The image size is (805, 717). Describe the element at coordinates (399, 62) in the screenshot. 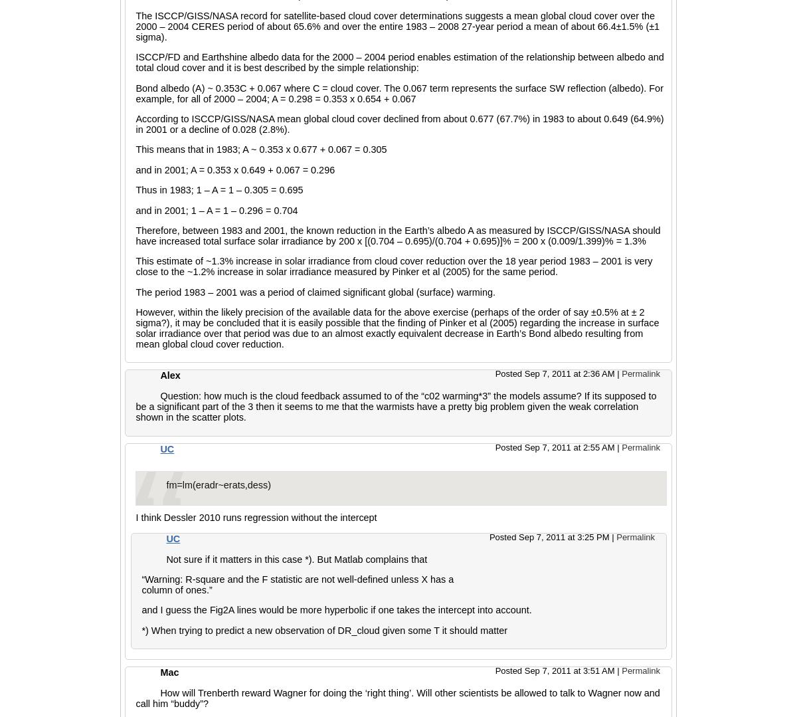

I see `'ISCCP/FD and Earthshine albedo data for the 2000 – 2004 period enables estimation of the relationship between albedo and total cloud cover and it is best described by the simple relationship:'` at that location.